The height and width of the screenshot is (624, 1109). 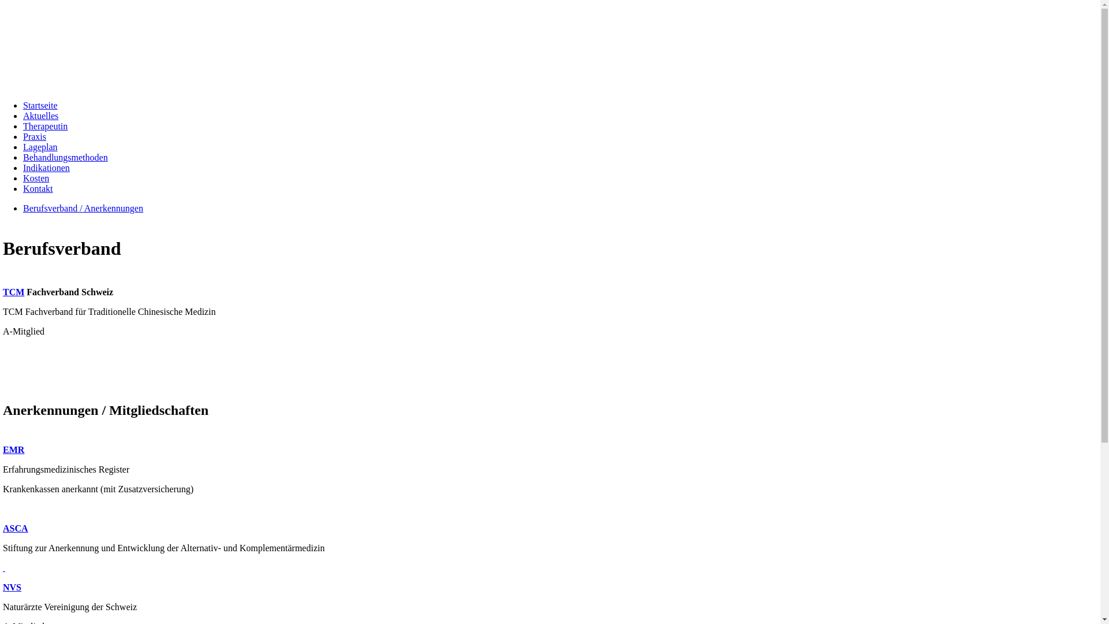 I want to click on 'Kontakt', so click(x=23, y=188).